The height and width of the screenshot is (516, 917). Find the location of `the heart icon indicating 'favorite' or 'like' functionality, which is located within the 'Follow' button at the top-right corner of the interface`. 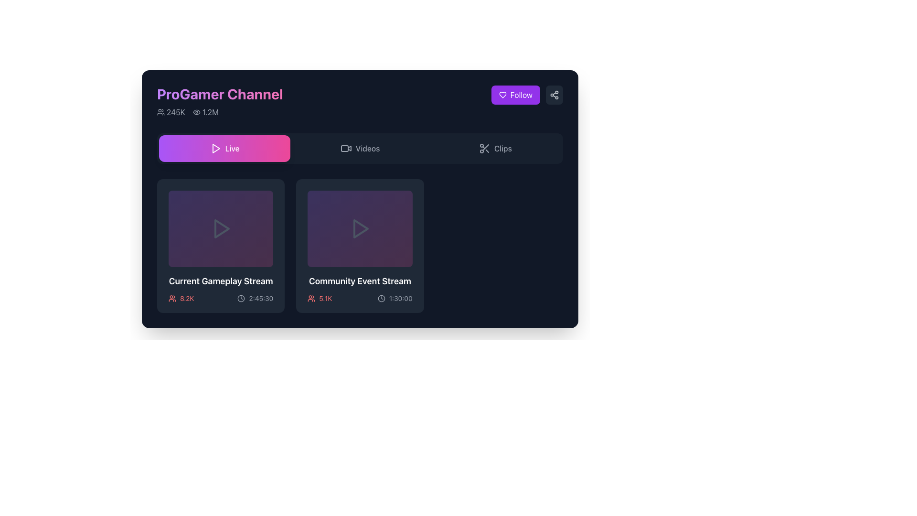

the heart icon indicating 'favorite' or 'like' functionality, which is located within the 'Follow' button at the top-right corner of the interface is located at coordinates (502, 95).